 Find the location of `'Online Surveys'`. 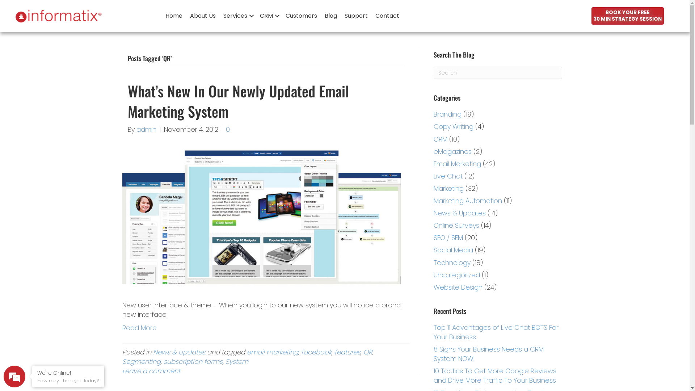

'Online Surveys' is located at coordinates (456, 225).